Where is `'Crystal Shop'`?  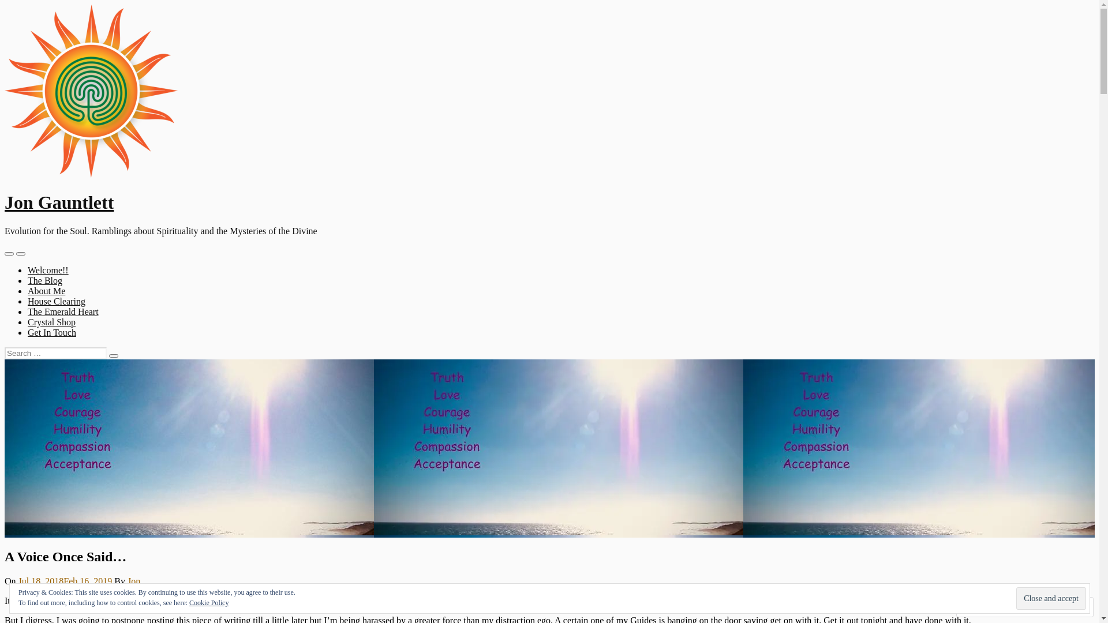 'Crystal Shop' is located at coordinates (51, 322).